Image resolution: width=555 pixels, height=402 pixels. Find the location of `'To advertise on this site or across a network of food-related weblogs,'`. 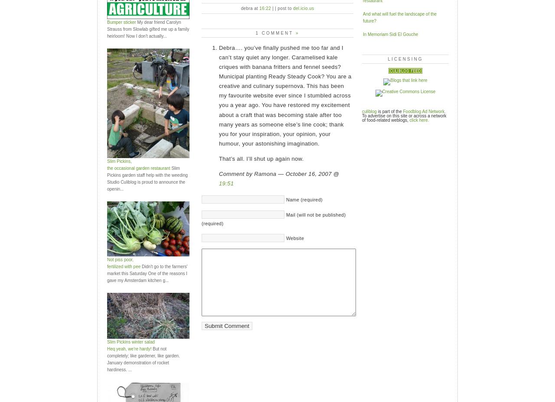

'To advertise on this site or across a network of food-related weblogs,' is located at coordinates (403, 117).